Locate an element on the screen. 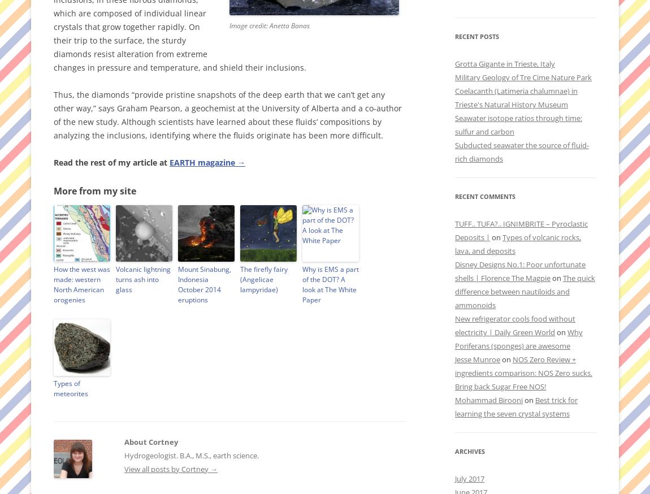 The width and height of the screenshot is (650, 494). 'Subducted seawater the source of fluid-rich diamonds' is located at coordinates (522, 152).